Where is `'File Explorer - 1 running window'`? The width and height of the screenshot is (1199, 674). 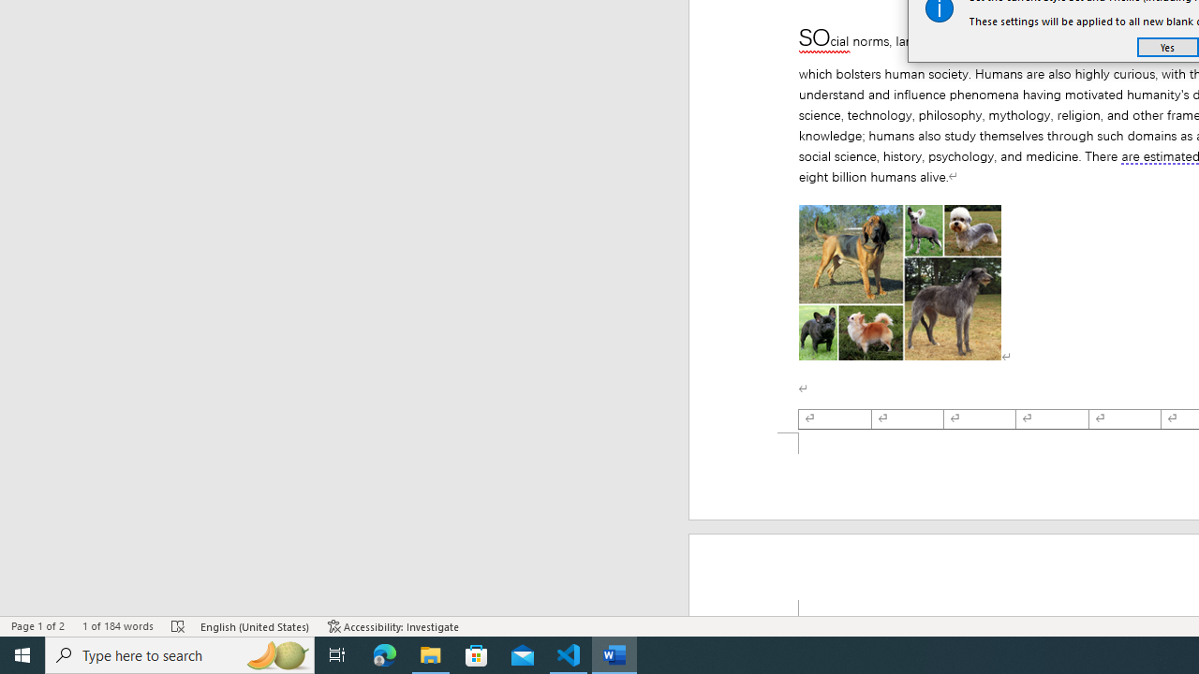
'File Explorer - 1 running window' is located at coordinates (430, 653).